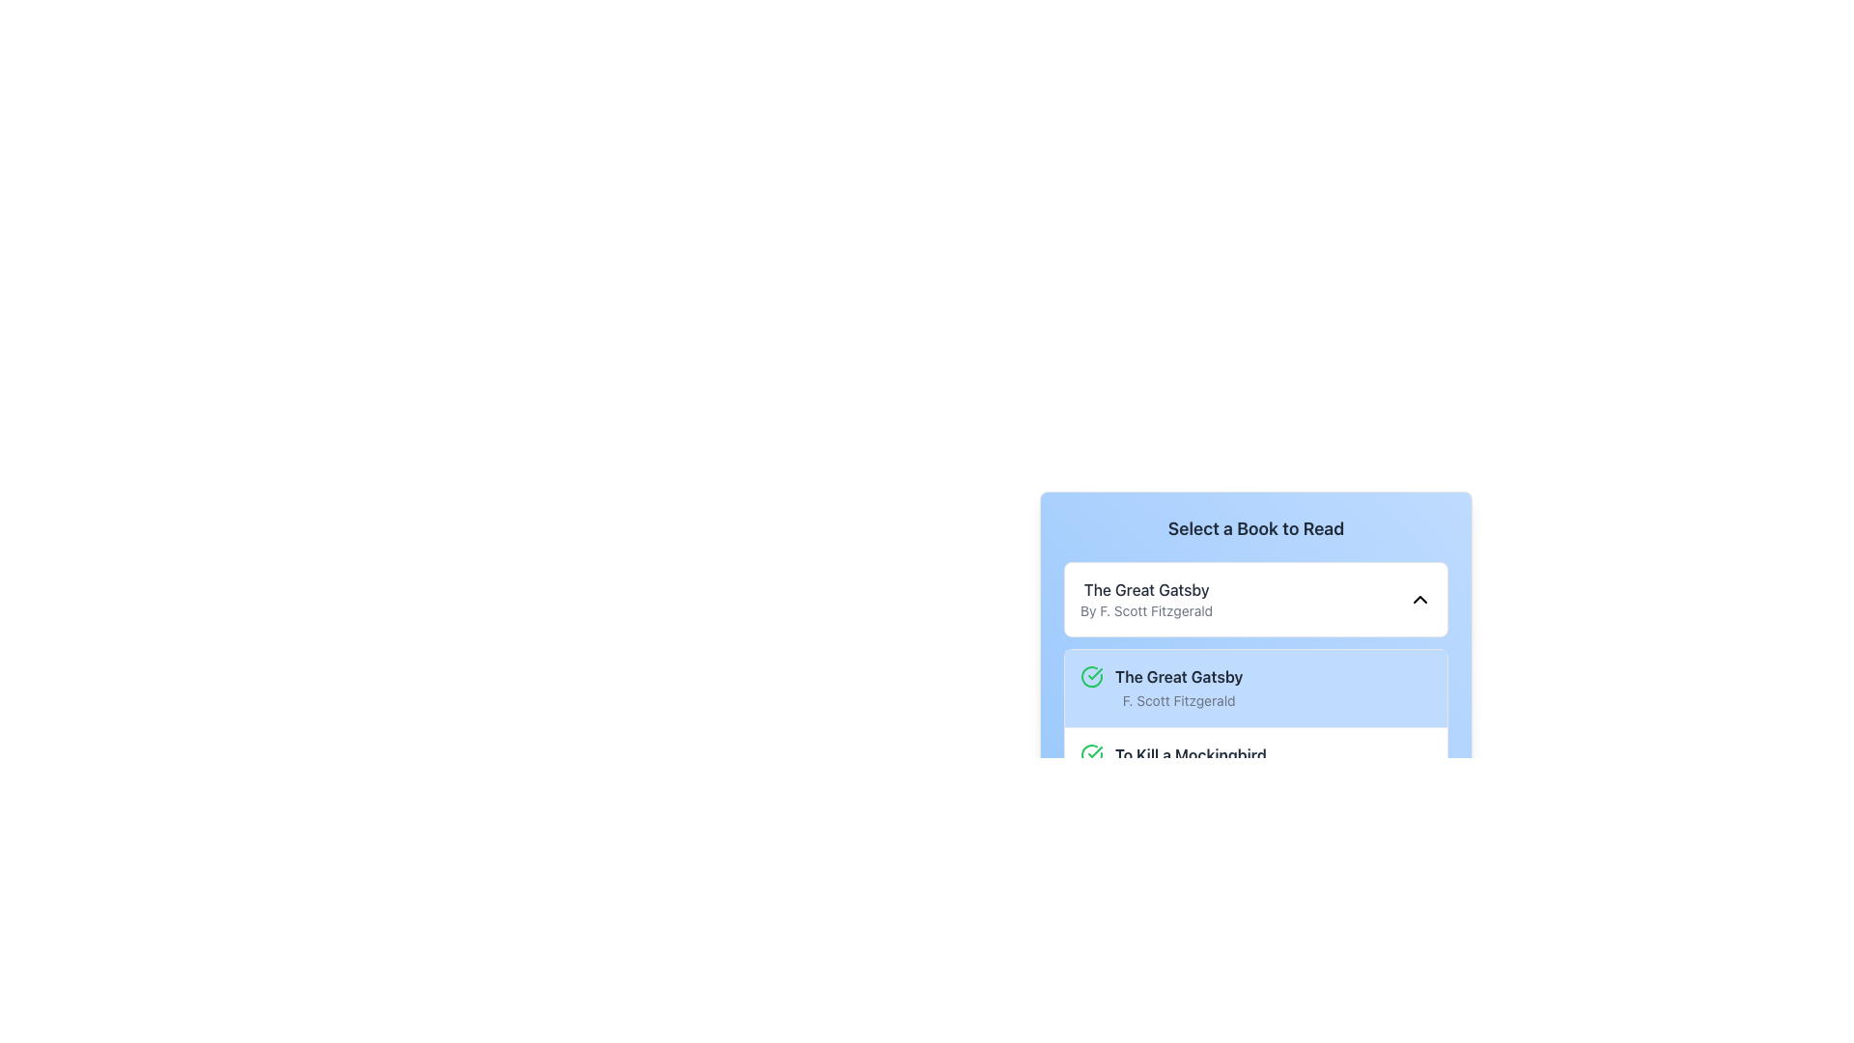  Describe the element at coordinates (1092, 754) in the screenshot. I see `the Status Indicator (Icon) for 'To Kill a Mockingbird', a circular green icon with a check mark inside, indicating completed status` at that location.